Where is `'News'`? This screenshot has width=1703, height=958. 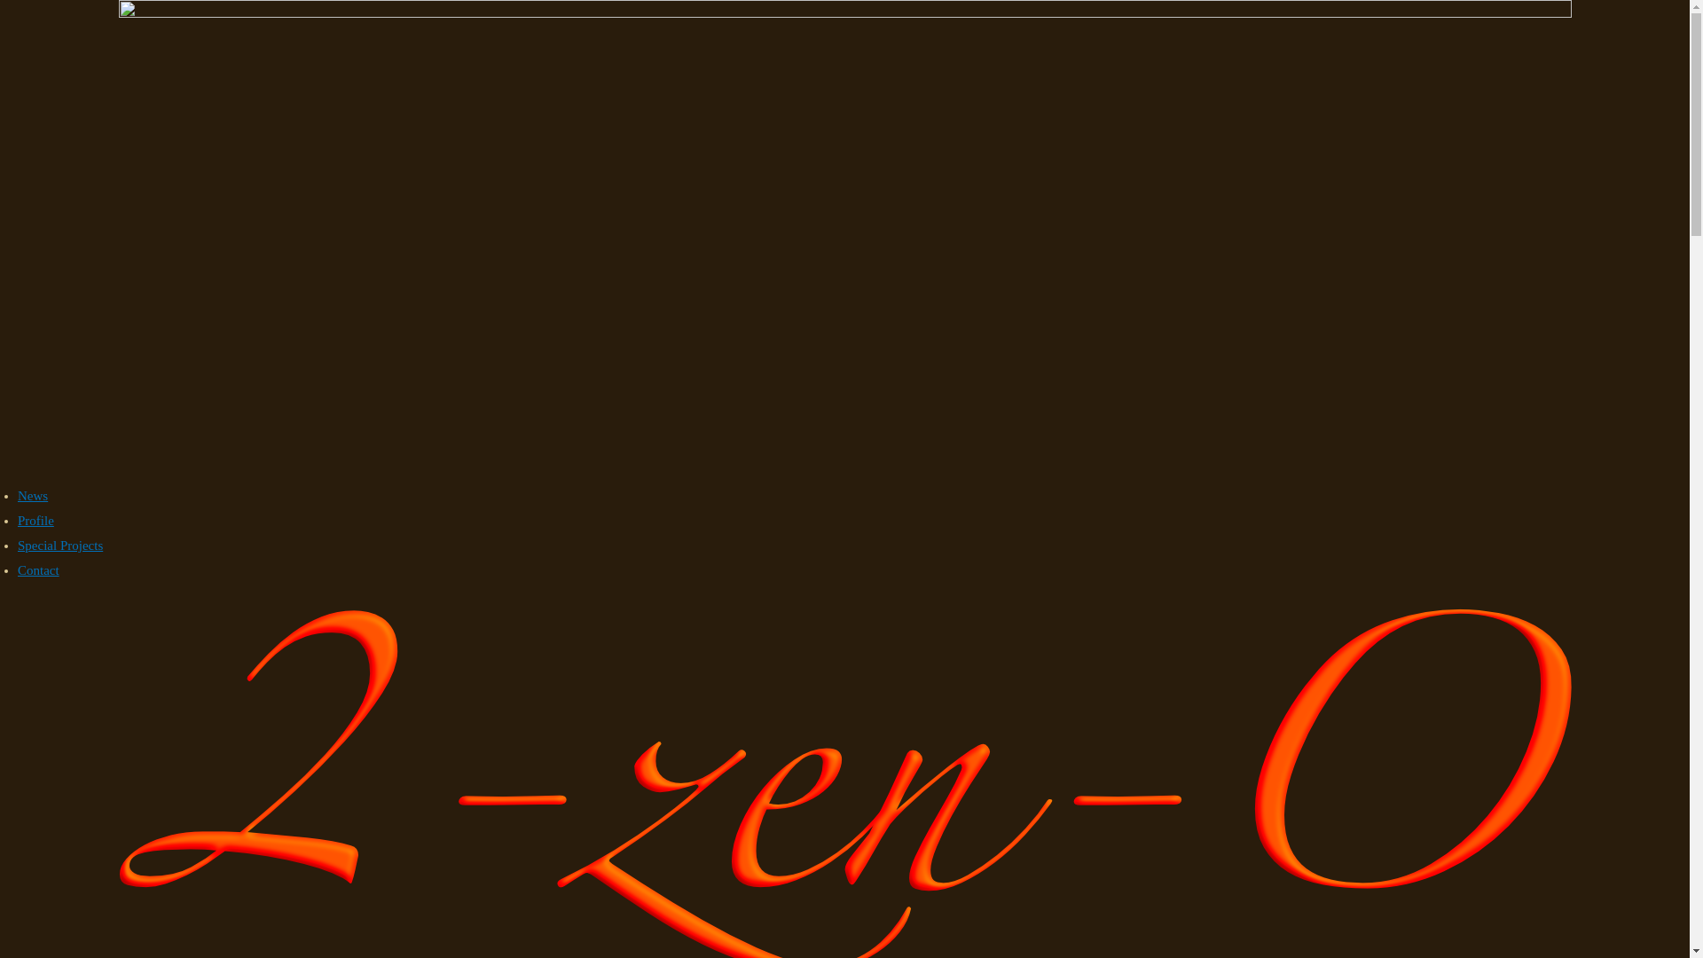
'News' is located at coordinates (17, 496).